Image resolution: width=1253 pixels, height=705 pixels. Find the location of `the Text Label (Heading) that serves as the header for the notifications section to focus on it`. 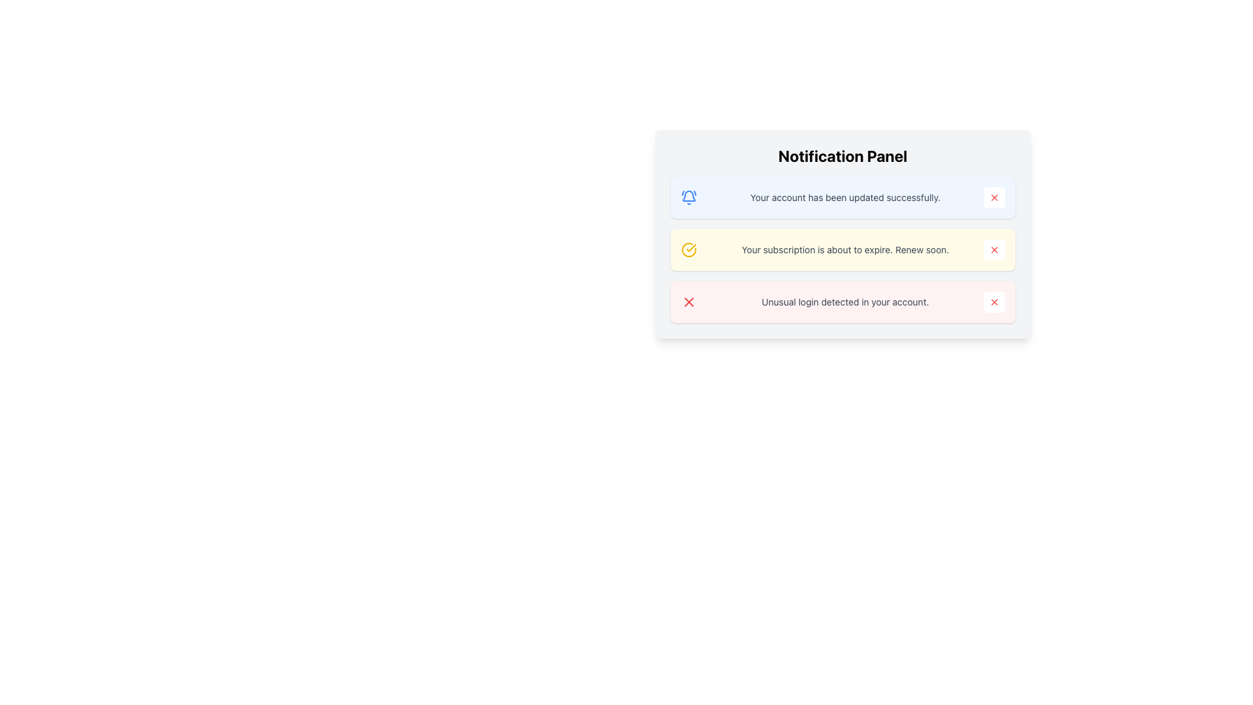

the Text Label (Heading) that serves as the header for the notifications section to focus on it is located at coordinates (843, 155).